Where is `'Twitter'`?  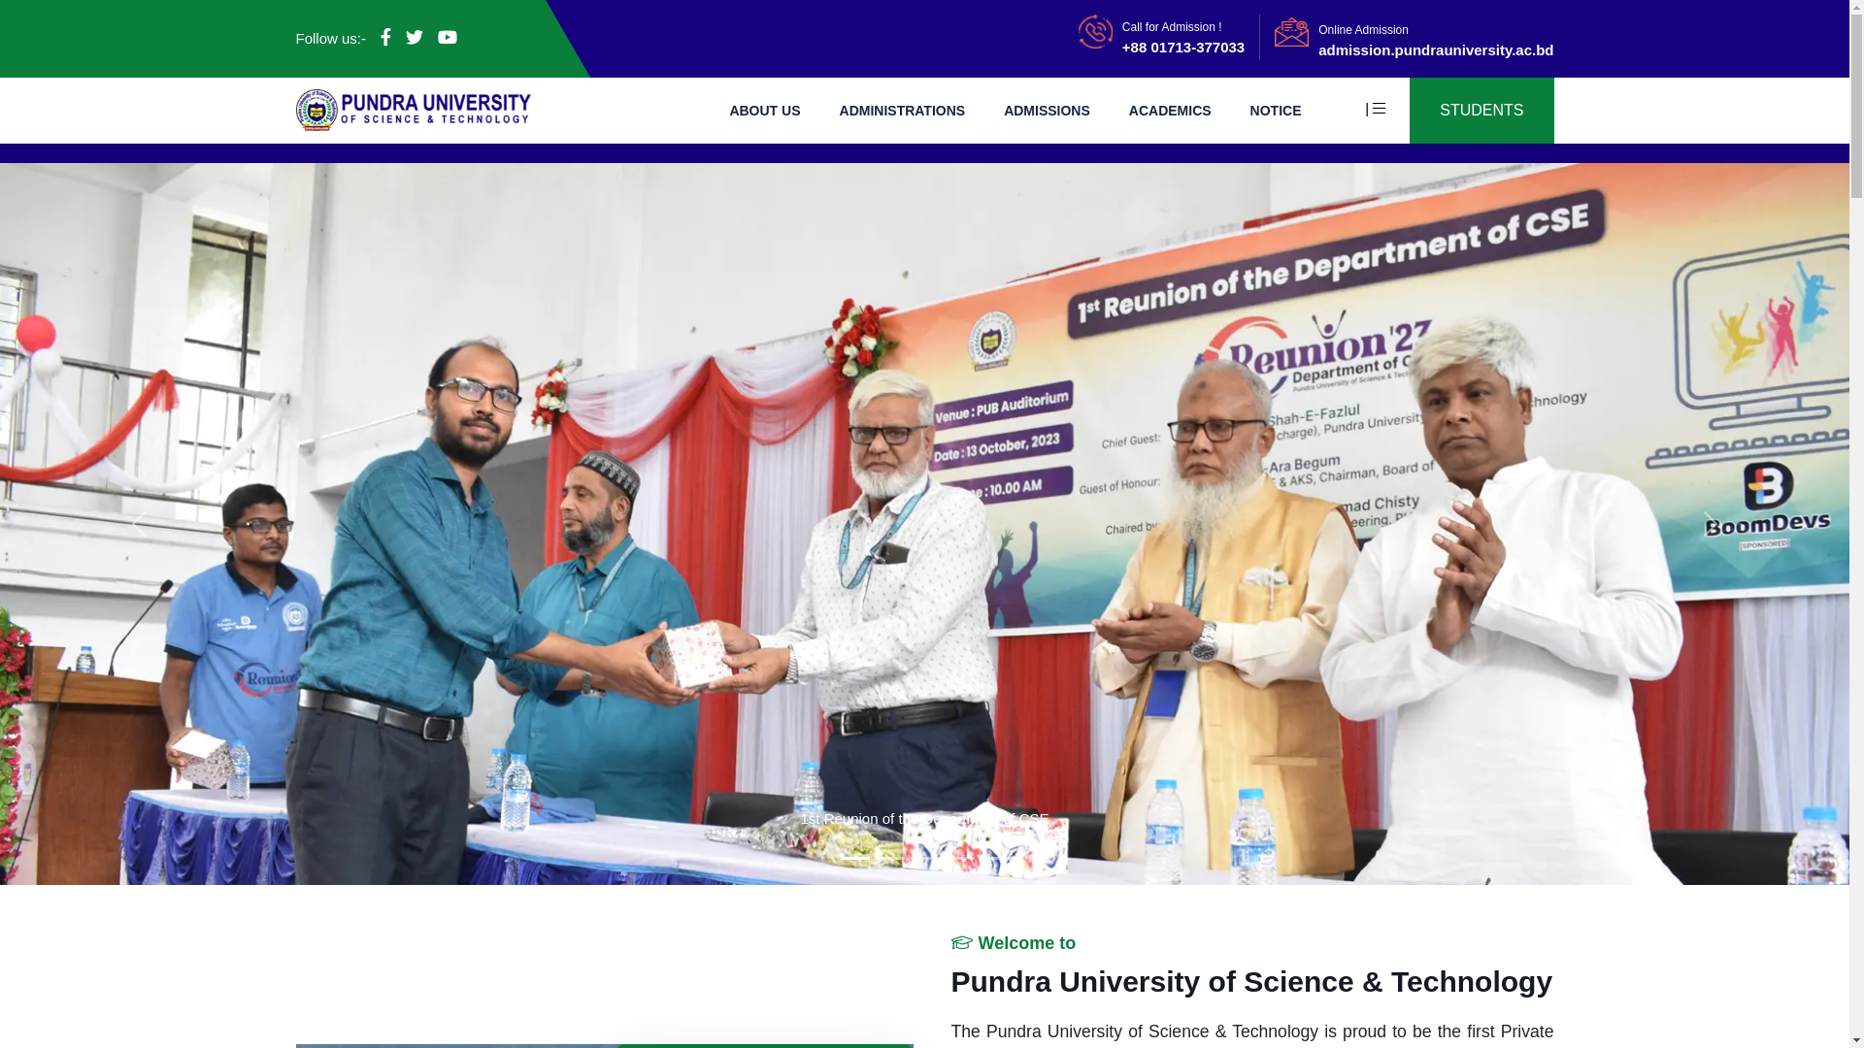
'Twitter' is located at coordinates (414, 37).